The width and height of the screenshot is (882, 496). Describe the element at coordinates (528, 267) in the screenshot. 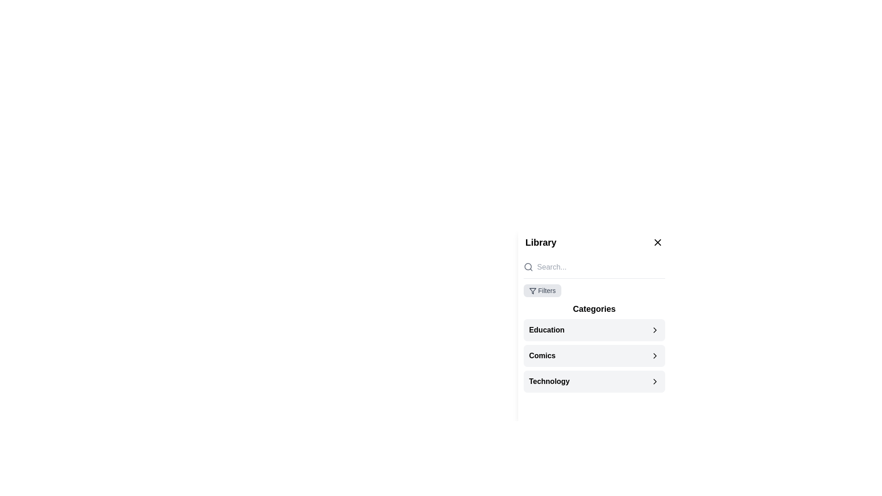

I see `the circular element that serves as a visual indicator within the search icon, located in the top-left region of the library panel` at that location.